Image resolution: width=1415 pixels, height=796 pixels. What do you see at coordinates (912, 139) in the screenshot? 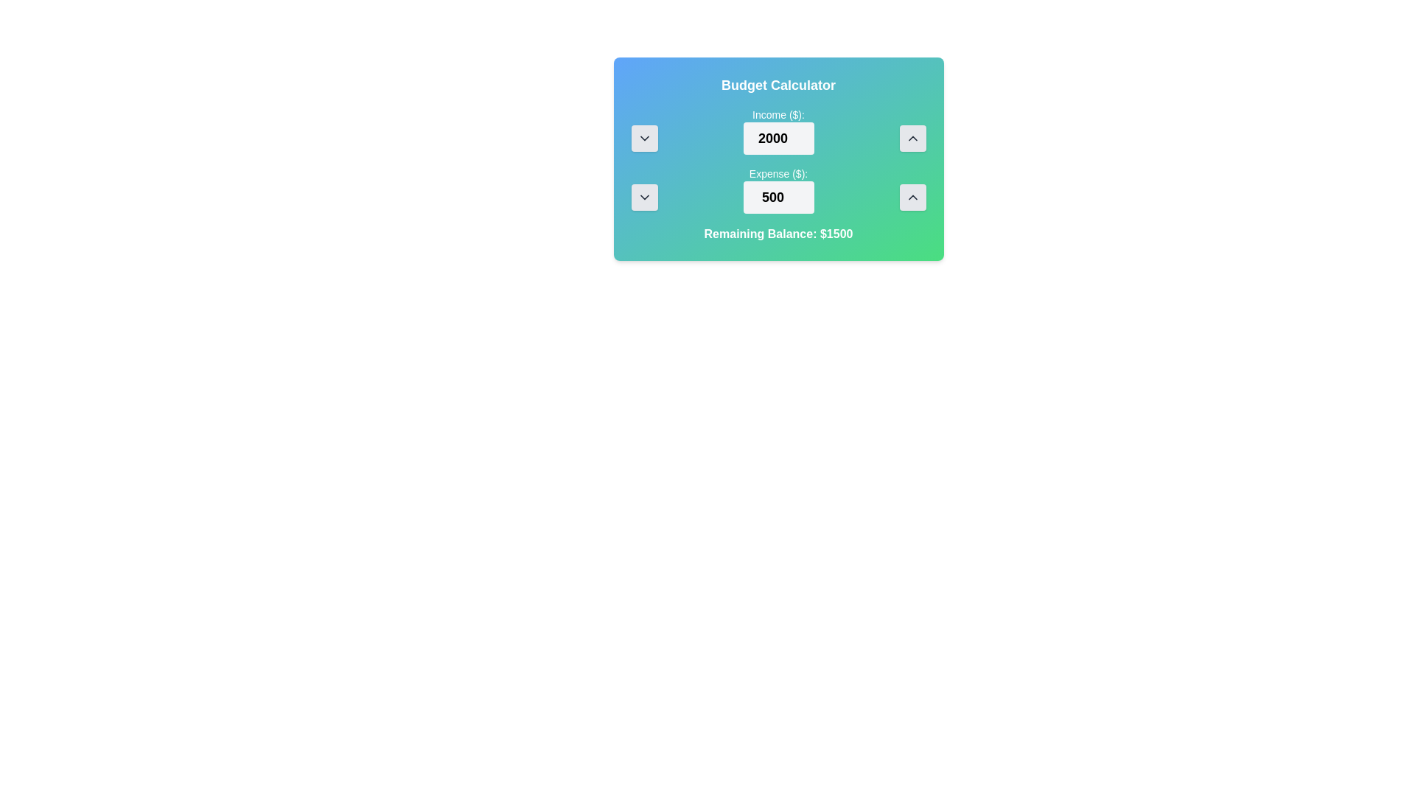
I see `the increment button located in the top-right corner of the budget calculator interface` at bounding box center [912, 139].